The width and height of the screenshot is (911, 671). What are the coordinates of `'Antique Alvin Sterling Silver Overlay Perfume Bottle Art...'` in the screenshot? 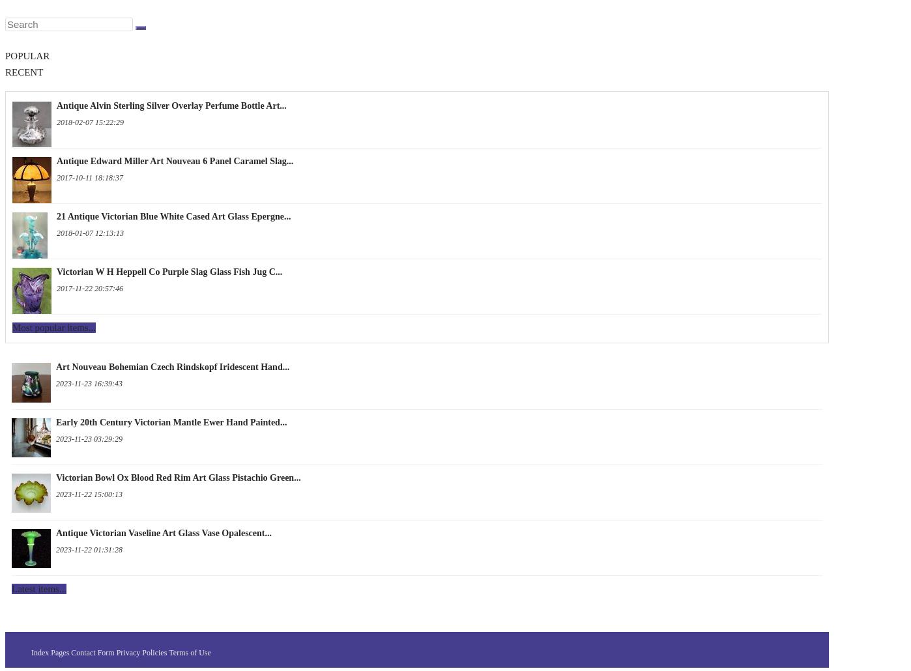 It's located at (171, 104).